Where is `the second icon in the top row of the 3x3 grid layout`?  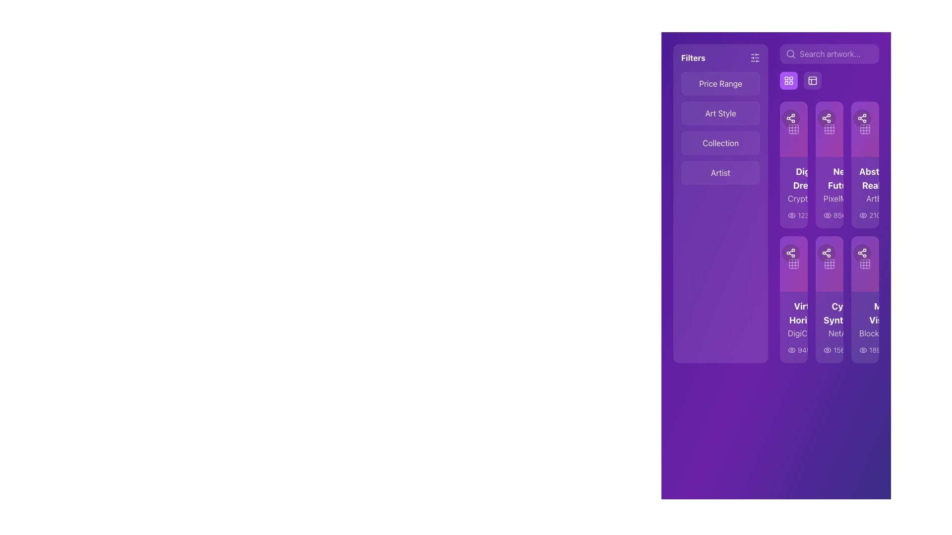
the second icon in the top row of the 3x3 grid layout is located at coordinates (830, 129).